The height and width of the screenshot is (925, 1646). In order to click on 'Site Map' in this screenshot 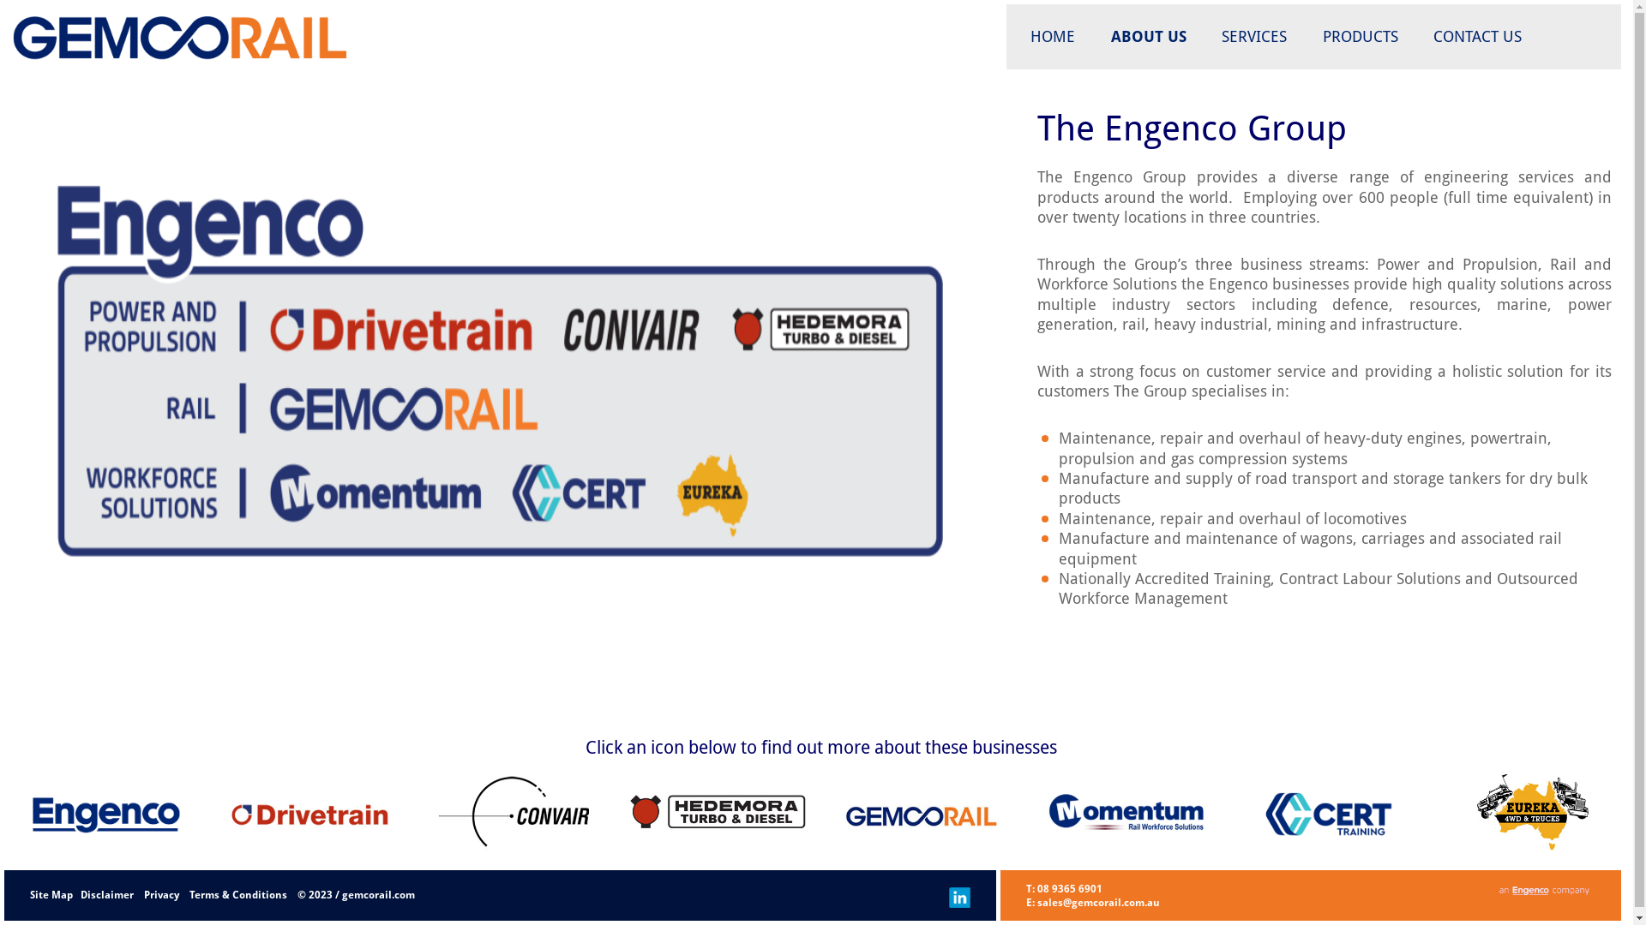, I will do `click(29, 894)`.